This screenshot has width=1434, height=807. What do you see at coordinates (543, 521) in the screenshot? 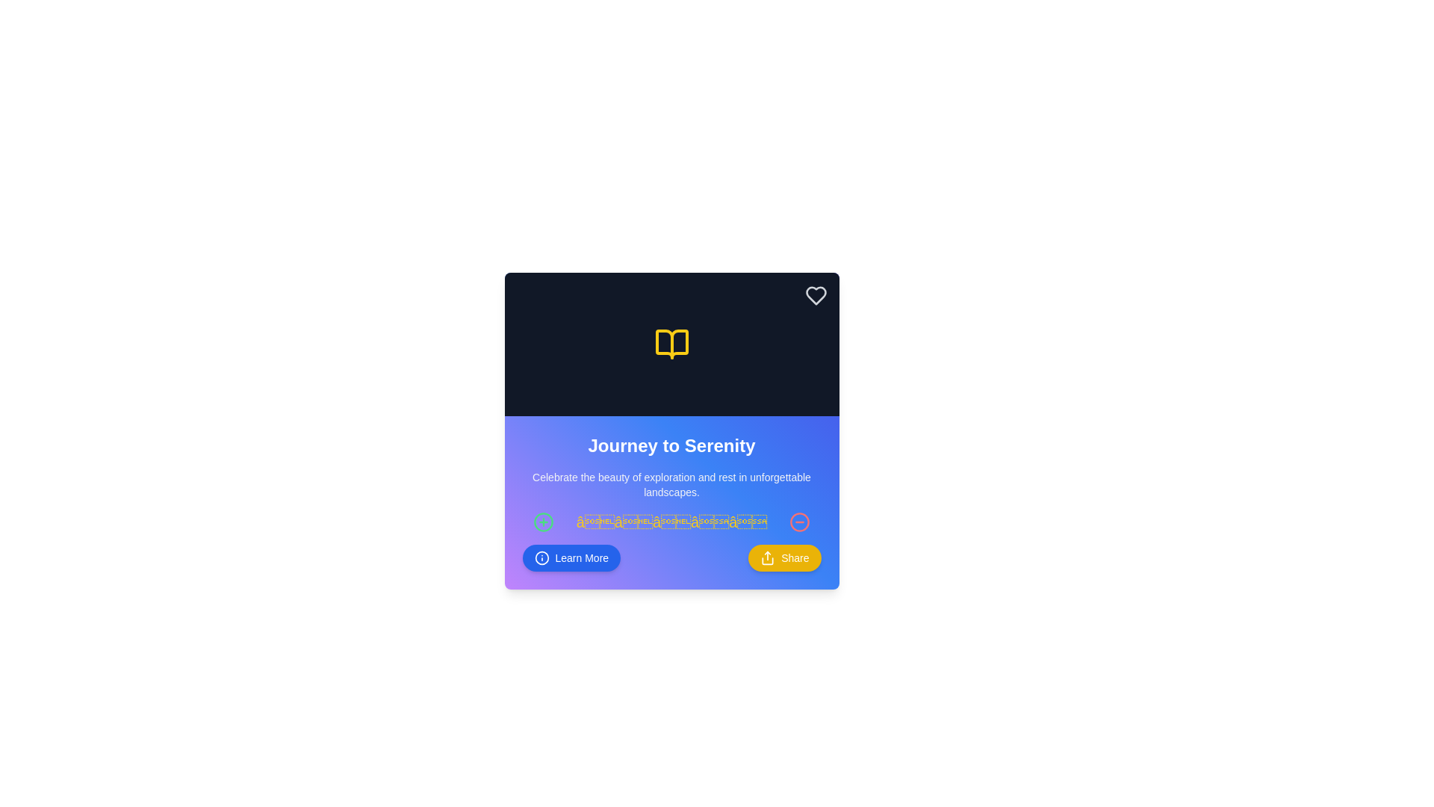
I see `the left circular SVG graphic with a thin border located at the bottom left section of a card layout` at bounding box center [543, 521].